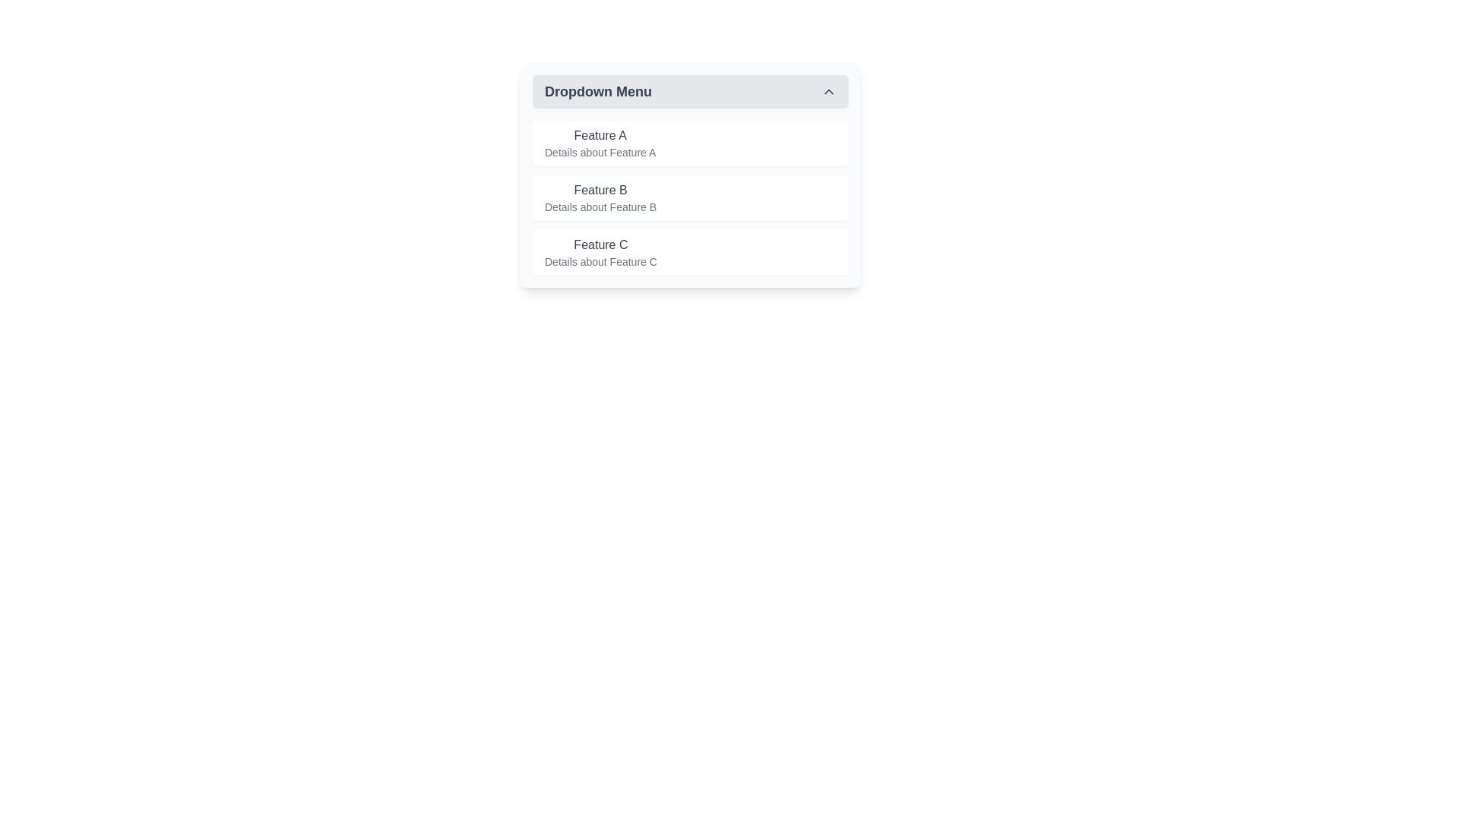  I want to click on the third interactive list item labeled 'Feature C' in the dropdown menu, so click(689, 251).